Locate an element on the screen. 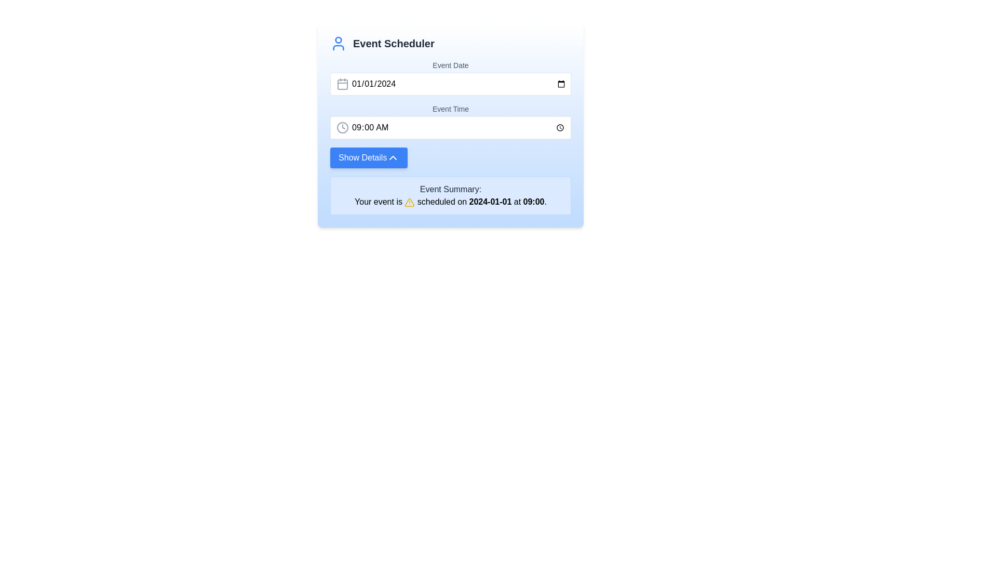 Image resolution: width=997 pixels, height=561 pixels. the text label that conveys the scheduled time for the event, which is positioned at the end of the sentence 'Your event is scheduled on 2024-01-01 at 09:00.' within a light blue summary box is located at coordinates (533, 202).